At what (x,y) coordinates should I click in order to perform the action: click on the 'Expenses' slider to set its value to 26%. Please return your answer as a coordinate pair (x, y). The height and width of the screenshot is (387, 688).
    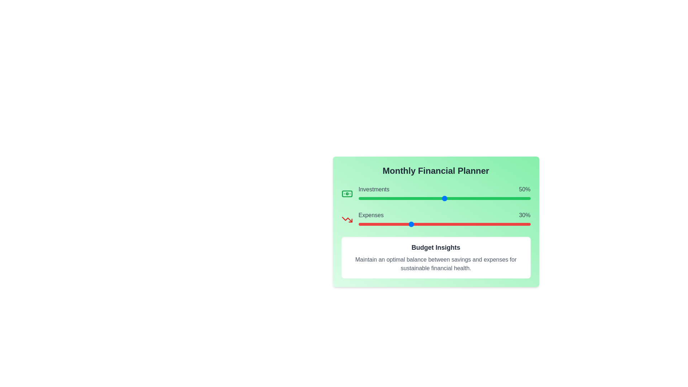
    Looking at the image, I should click on (403, 224).